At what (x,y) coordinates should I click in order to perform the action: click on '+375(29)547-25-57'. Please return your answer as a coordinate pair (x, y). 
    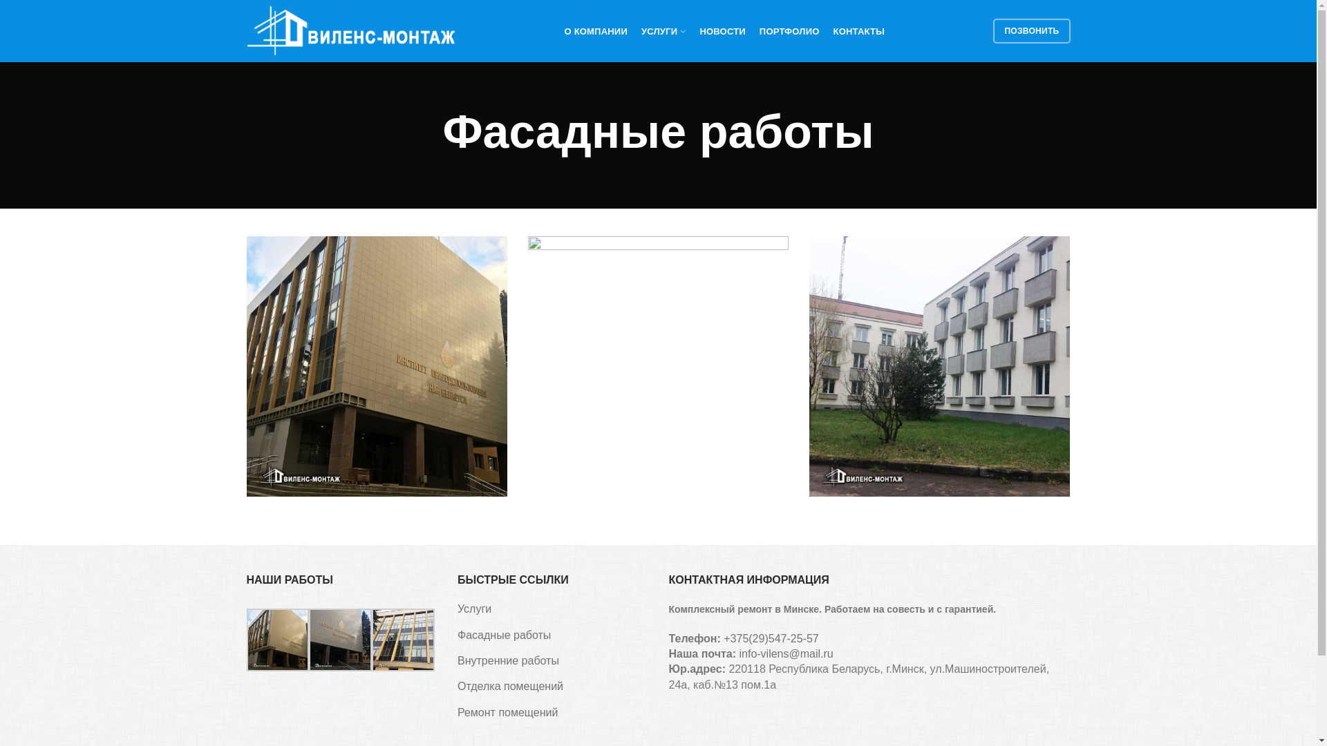
    Looking at the image, I should click on (722, 638).